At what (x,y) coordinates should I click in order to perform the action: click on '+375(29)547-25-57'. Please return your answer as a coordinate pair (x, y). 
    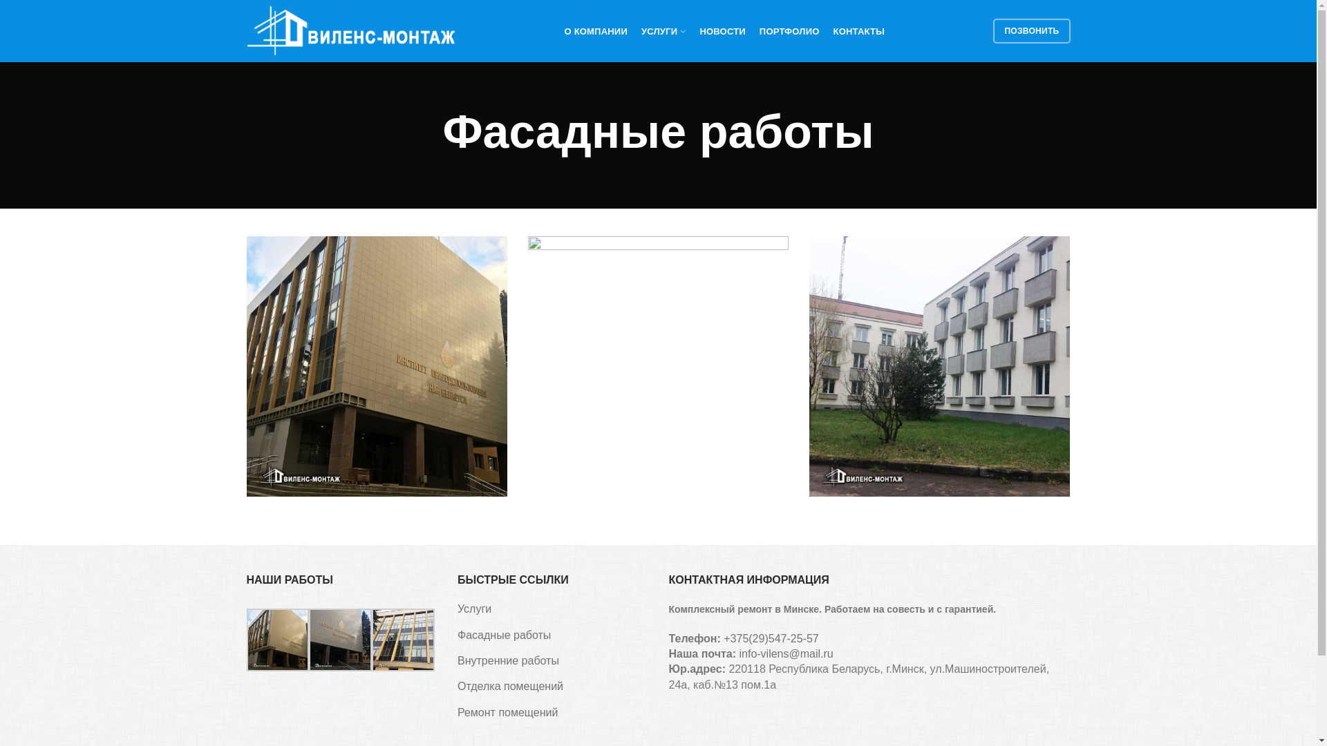
    Looking at the image, I should click on (722, 638).